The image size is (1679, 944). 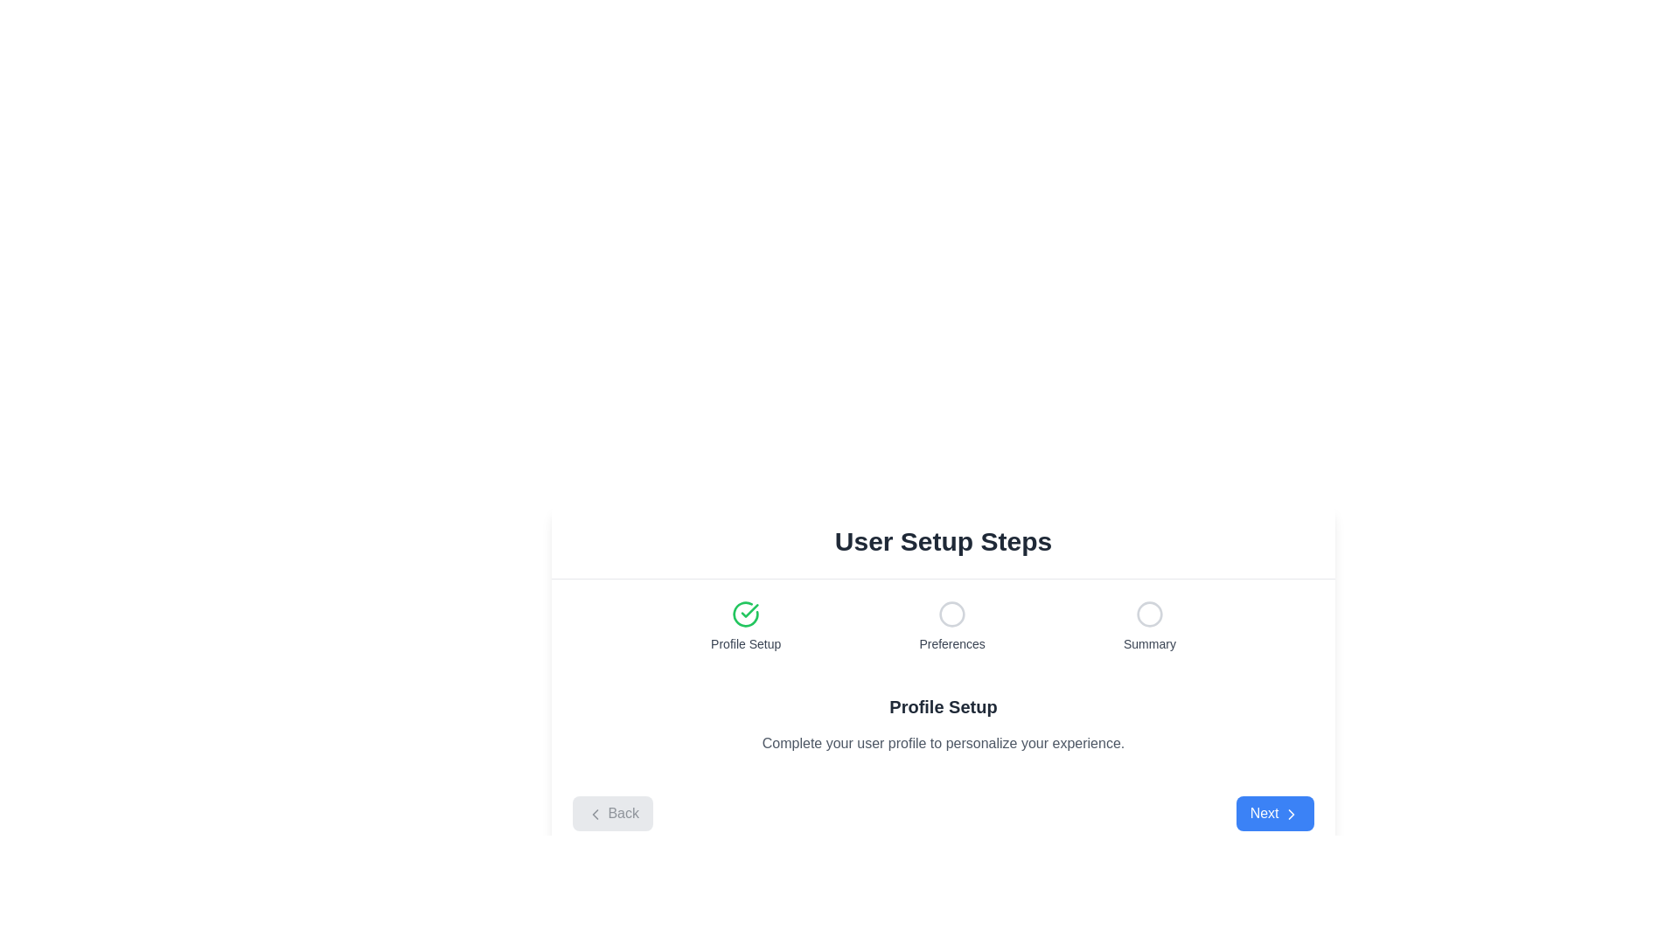 What do you see at coordinates (746, 613) in the screenshot?
I see `the circular icon with a green outline and a checkmark, which signifies completion, located above the 'Profile Setup' text in the top-center region of the interface` at bounding box center [746, 613].